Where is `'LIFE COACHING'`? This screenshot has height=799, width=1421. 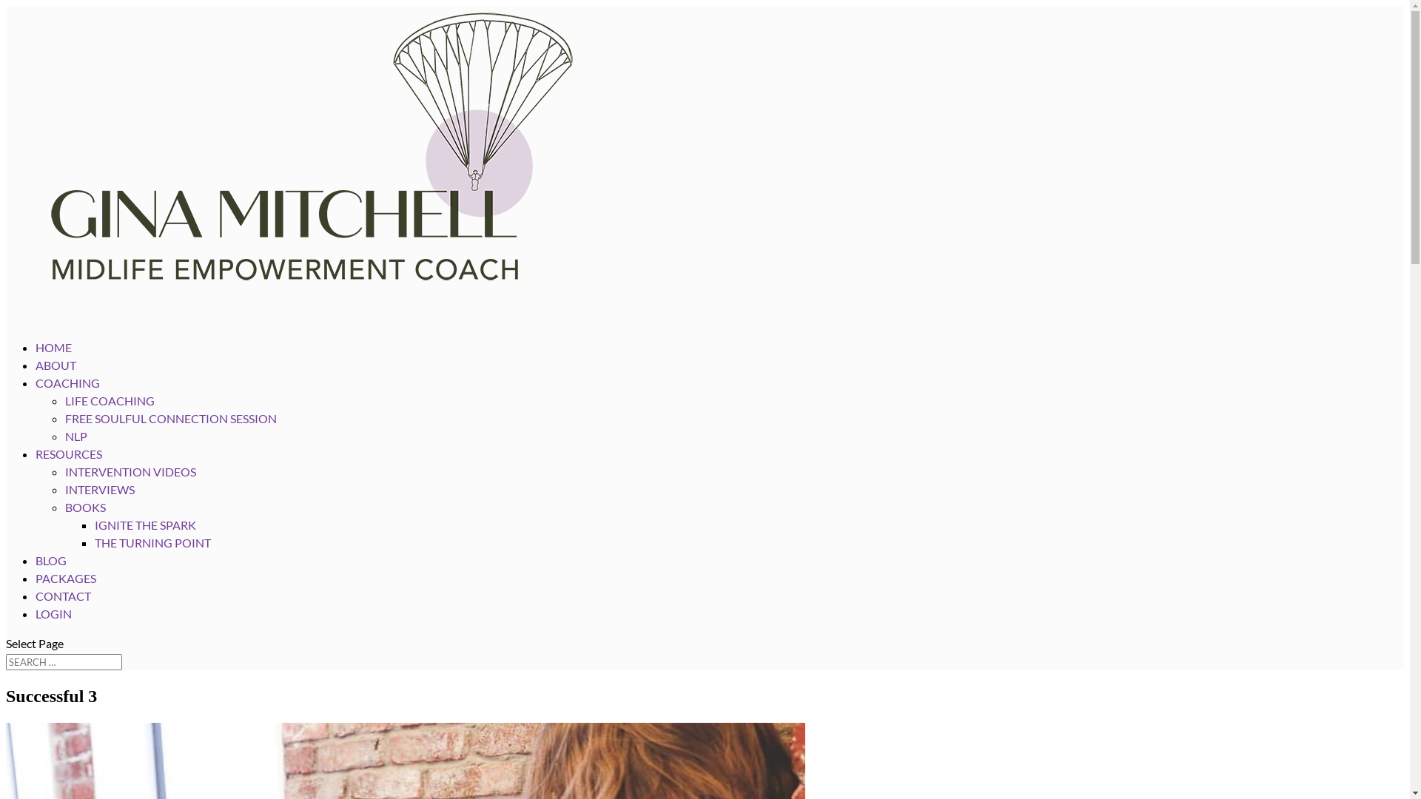
'LIFE COACHING' is located at coordinates (109, 400).